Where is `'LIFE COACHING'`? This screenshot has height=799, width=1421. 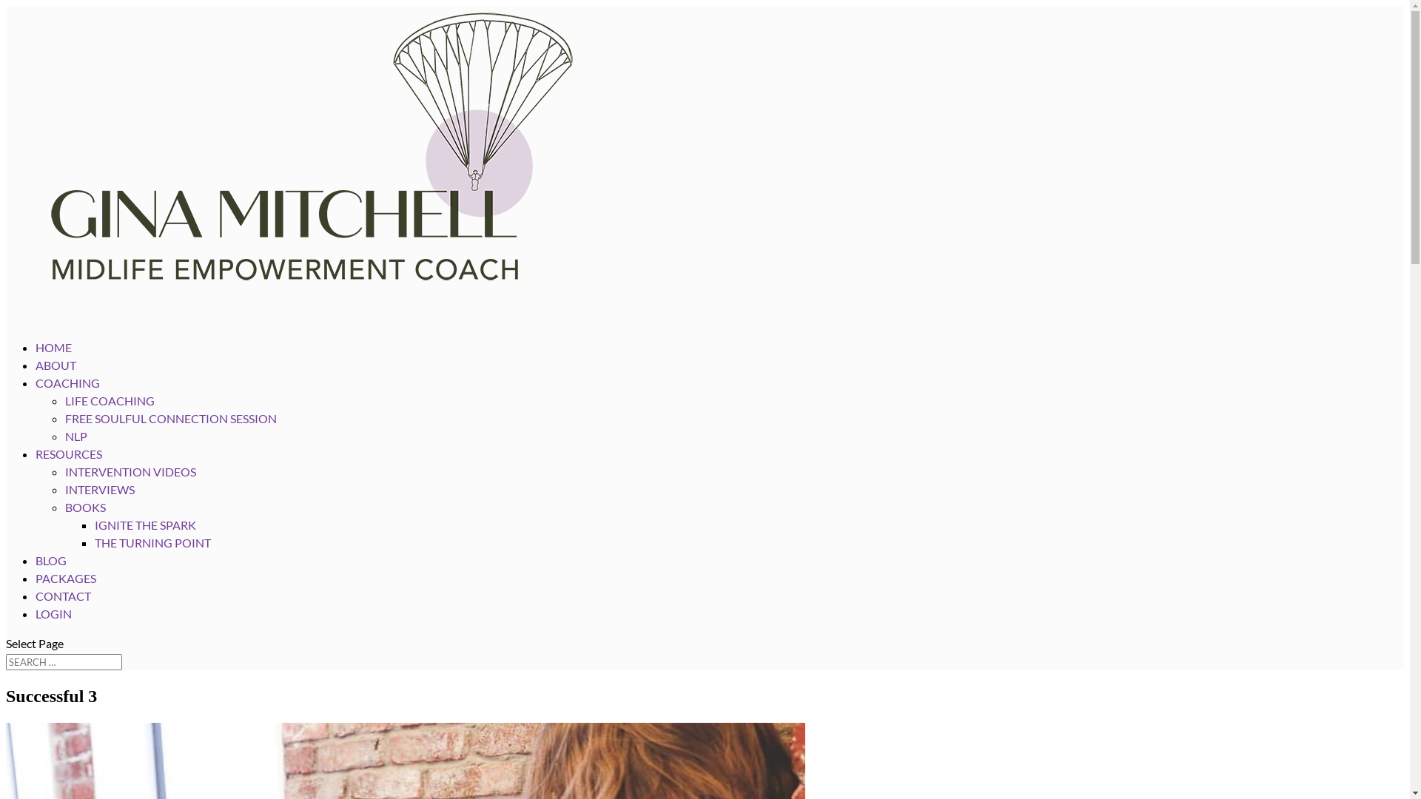
'LIFE COACHING' is located at coordinates (109, 400).